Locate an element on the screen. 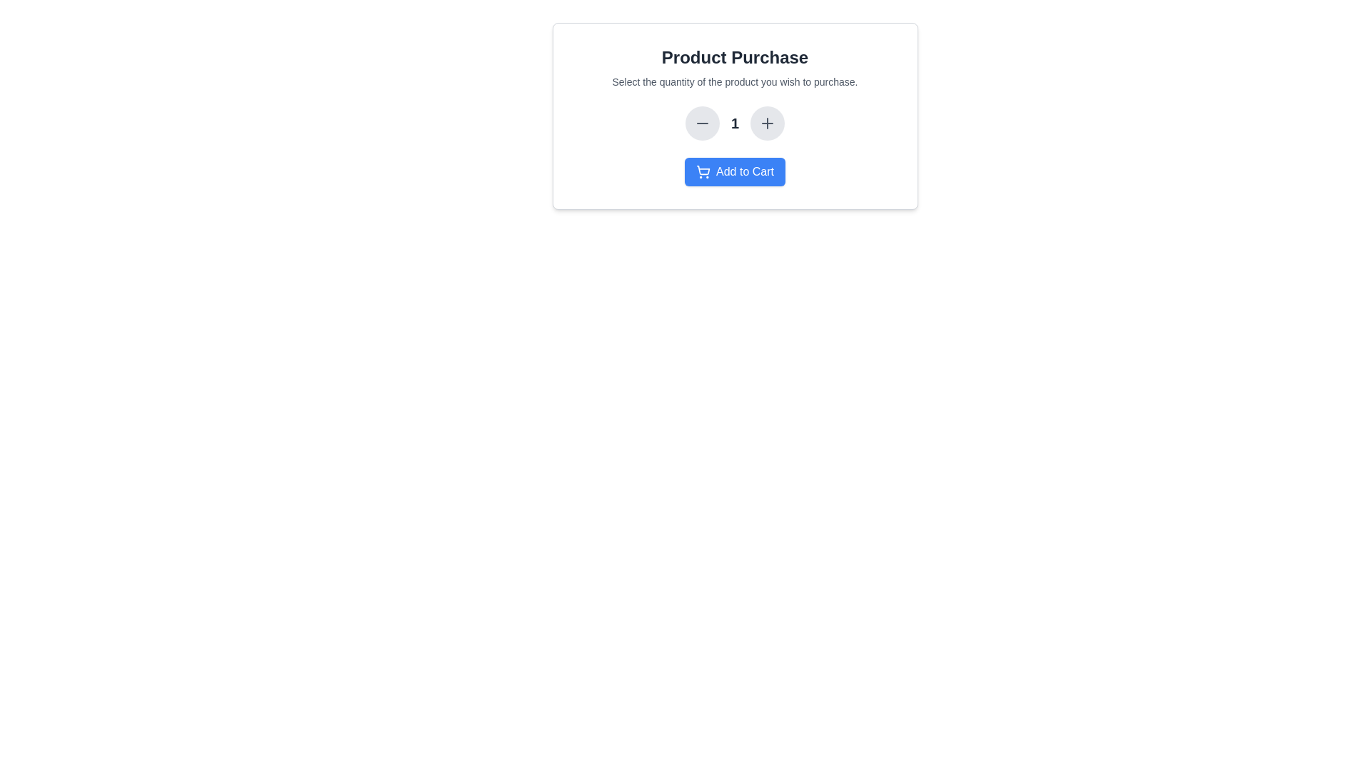 The width and height of the screenshot is (1371, 771). the bold static text heading displaying 'Product Purchase', which is centrally aligned at the top of a white card-like panel is located at coordinates (735, 57).